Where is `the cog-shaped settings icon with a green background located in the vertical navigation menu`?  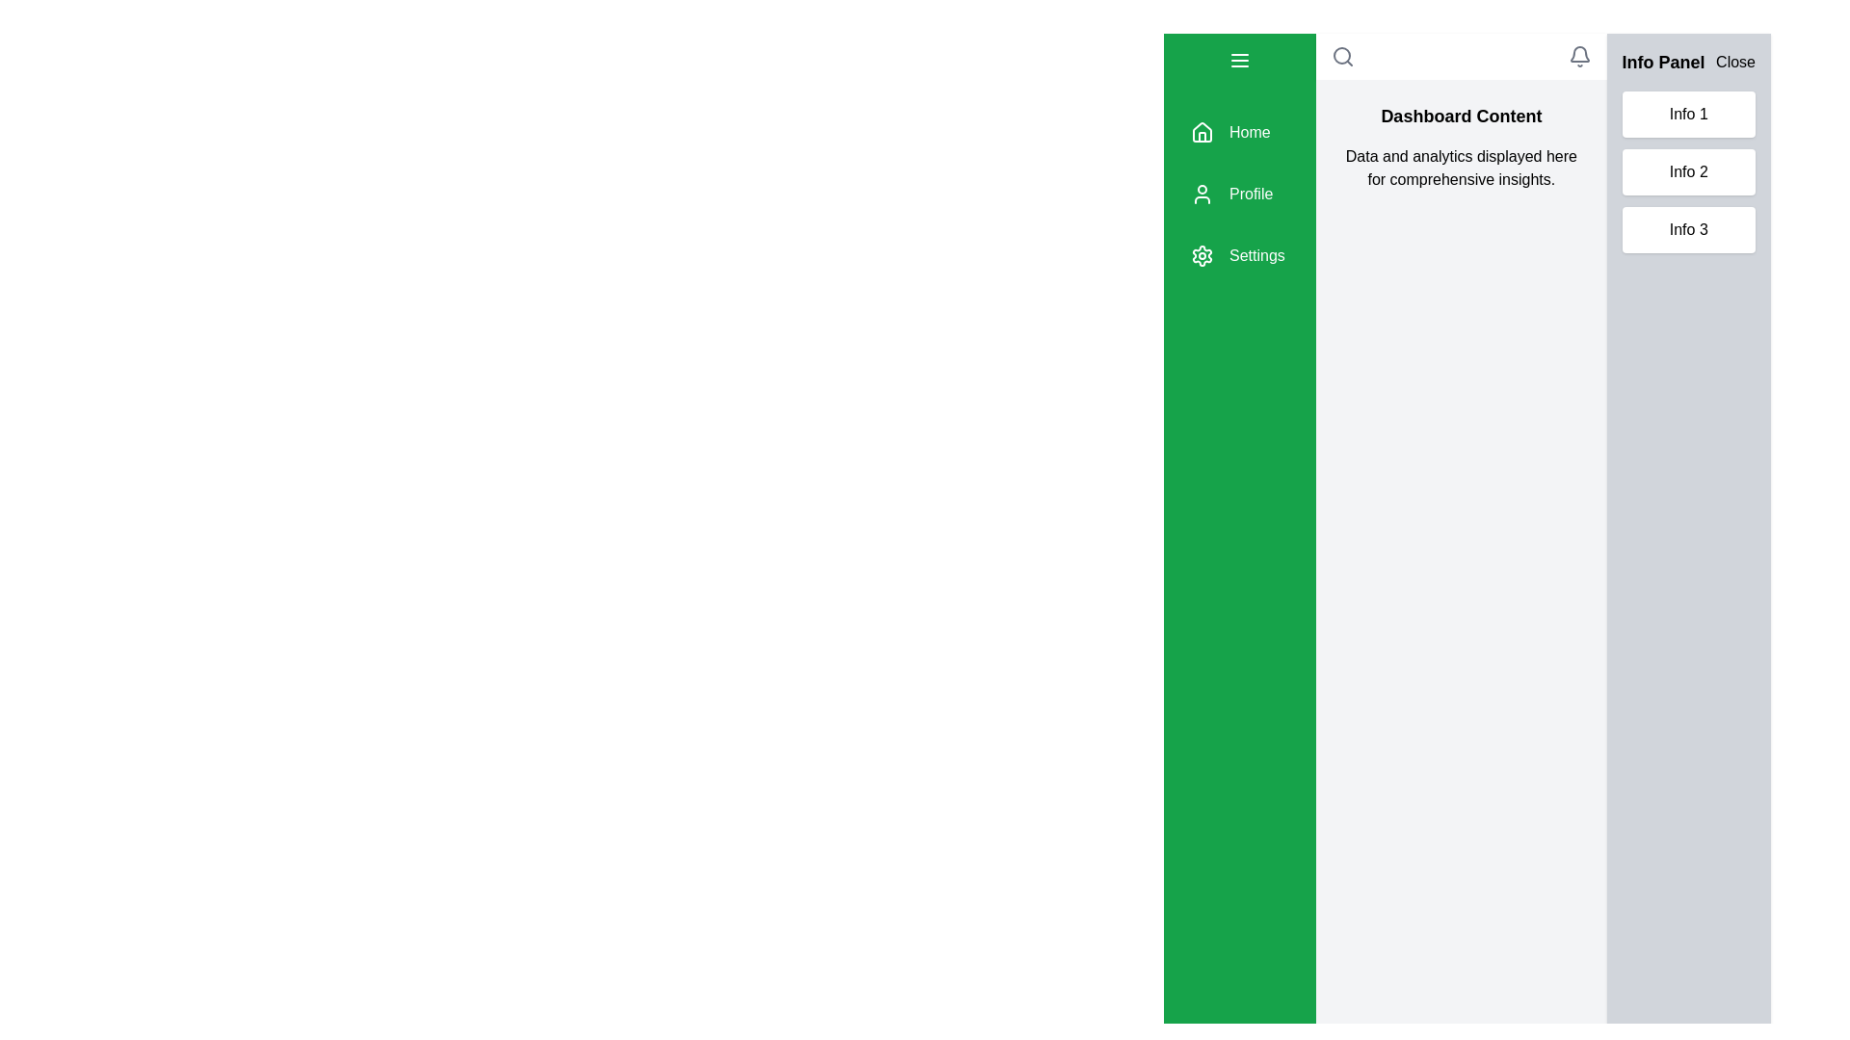 the cog-shaped settings icon with a green background located in the vertical navigation menu is located at coordinates (1202, 255).